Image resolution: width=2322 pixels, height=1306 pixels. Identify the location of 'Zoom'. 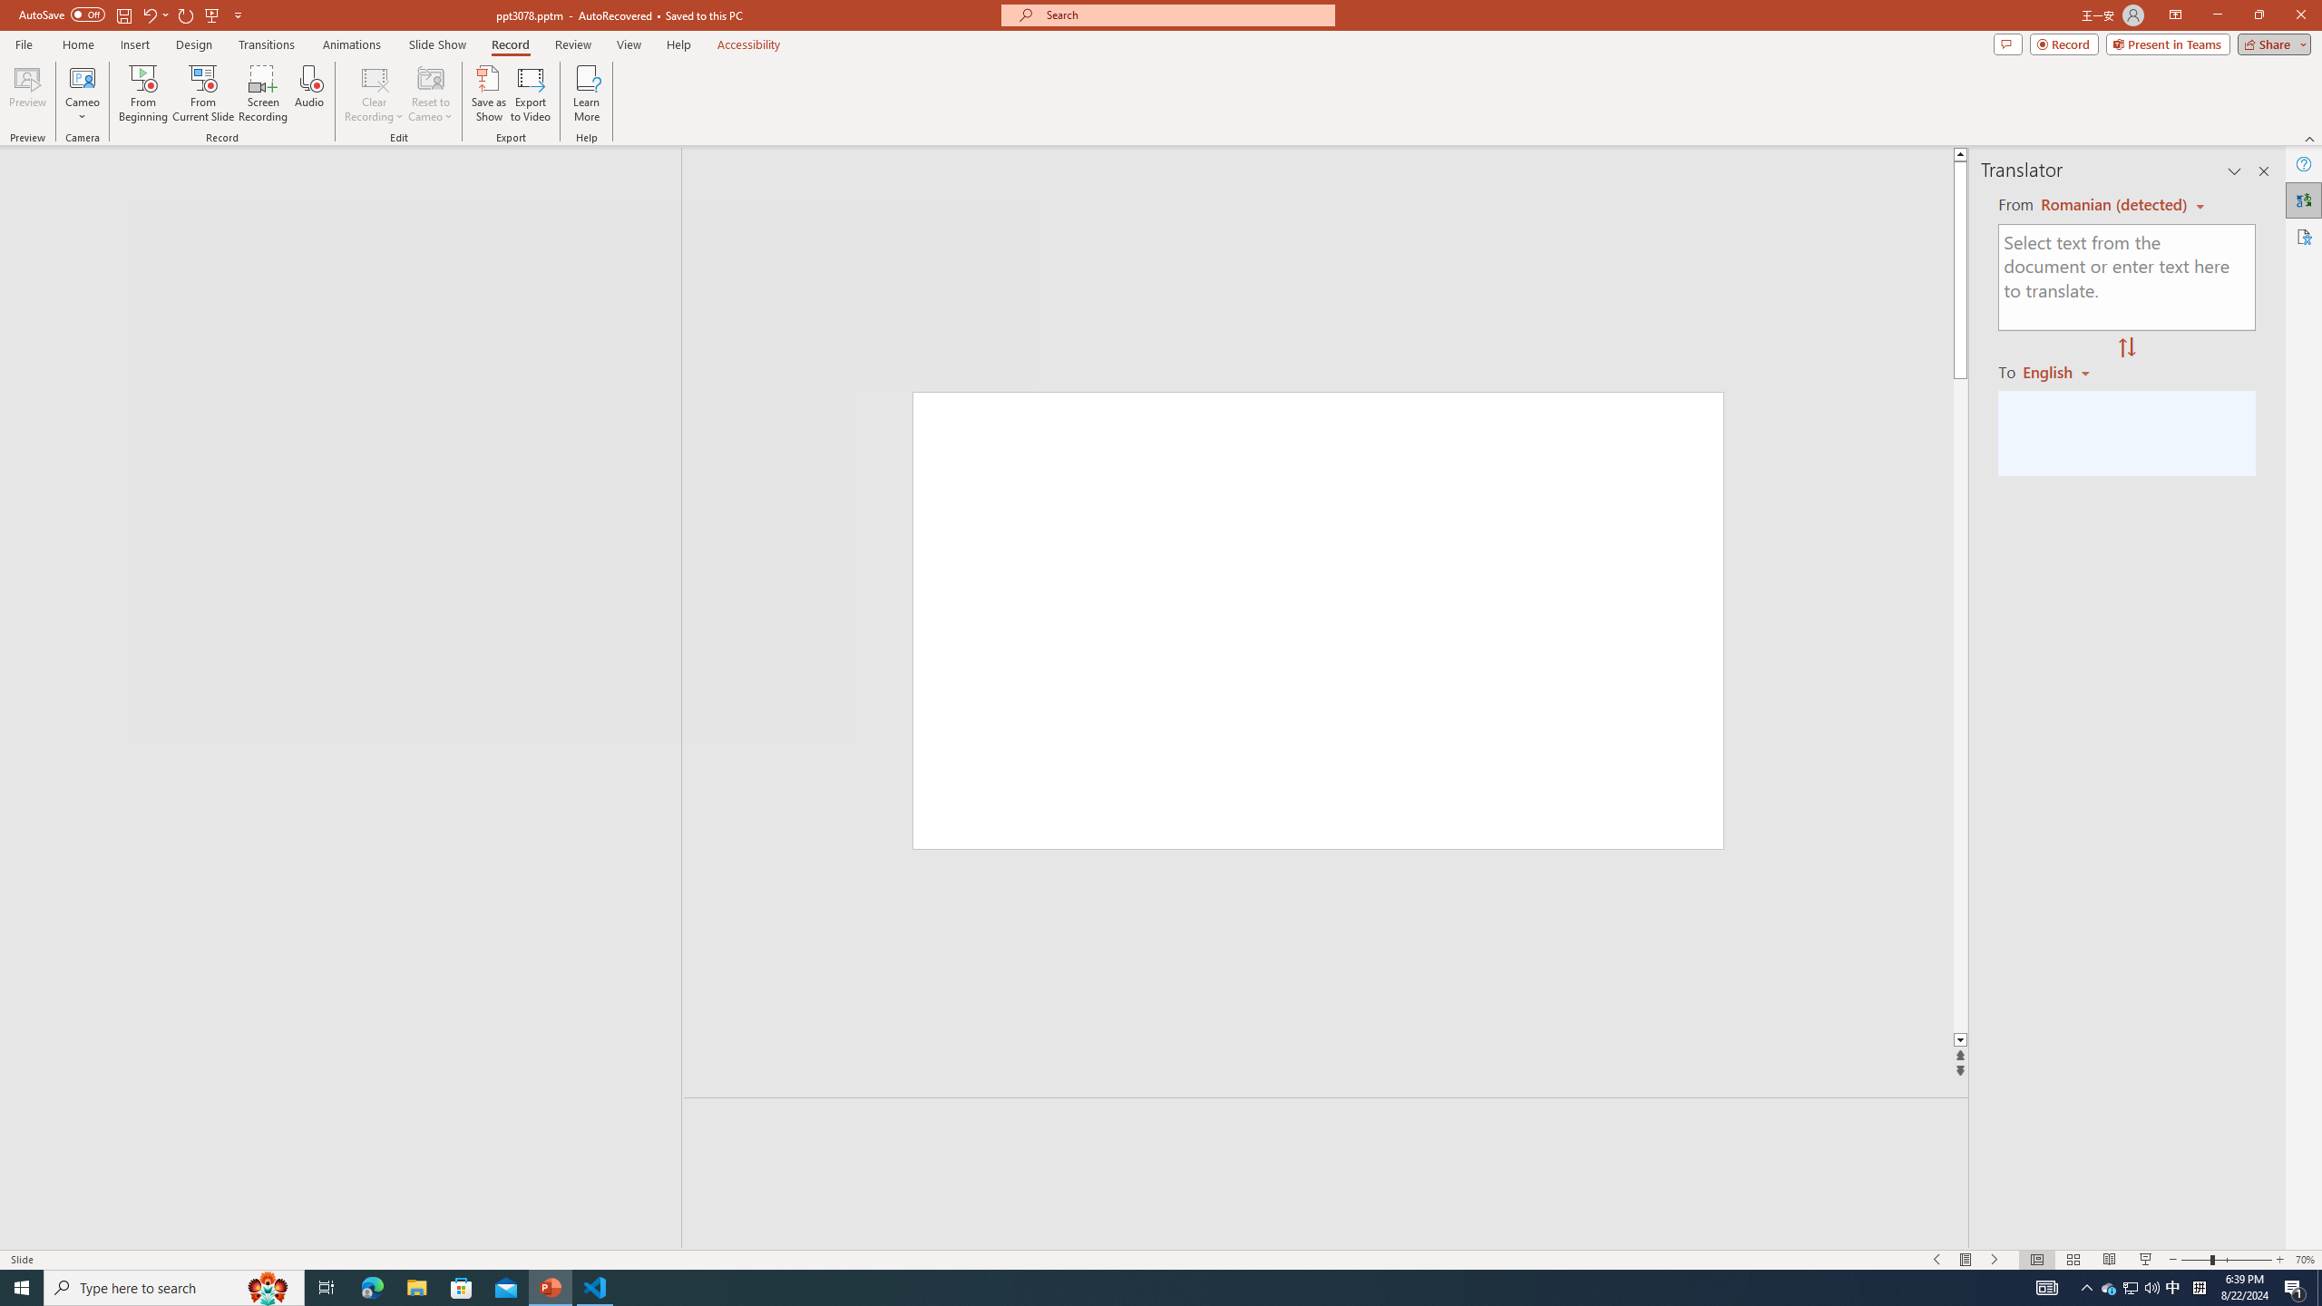
(2226, 1260).